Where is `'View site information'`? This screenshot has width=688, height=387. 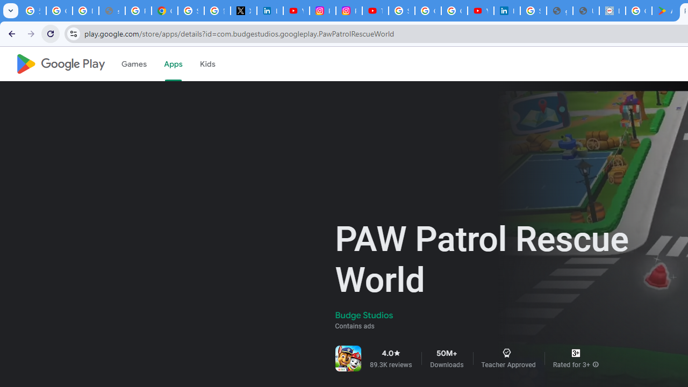 'View site information' is located at coordinates (73, 33).